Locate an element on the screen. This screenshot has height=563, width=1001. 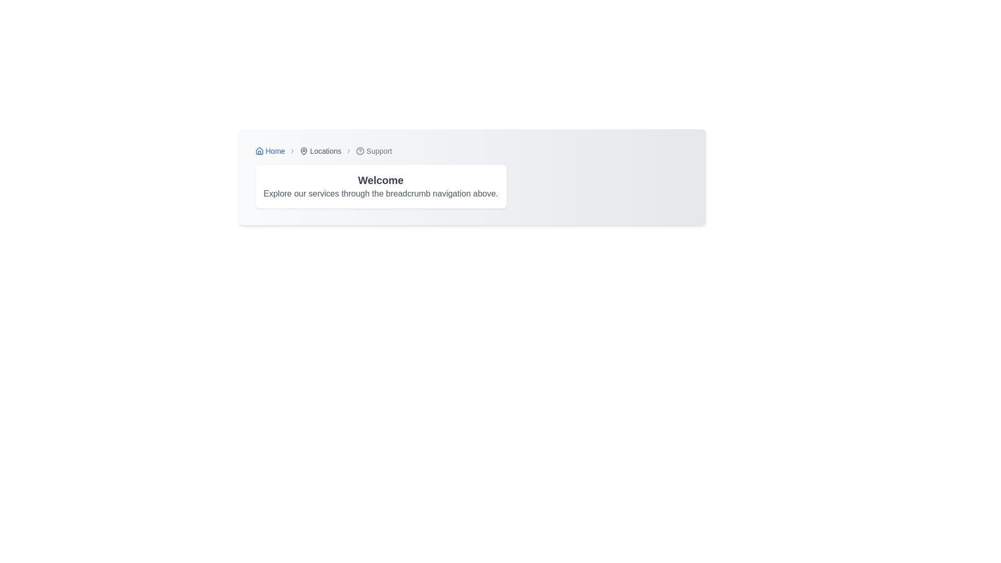
the informative text block that reads 'Explore our services through the breadcrumb navigation above.' which is styled in gray and positioned below the 'Welcome' heading is located at coordinates (380, 193).